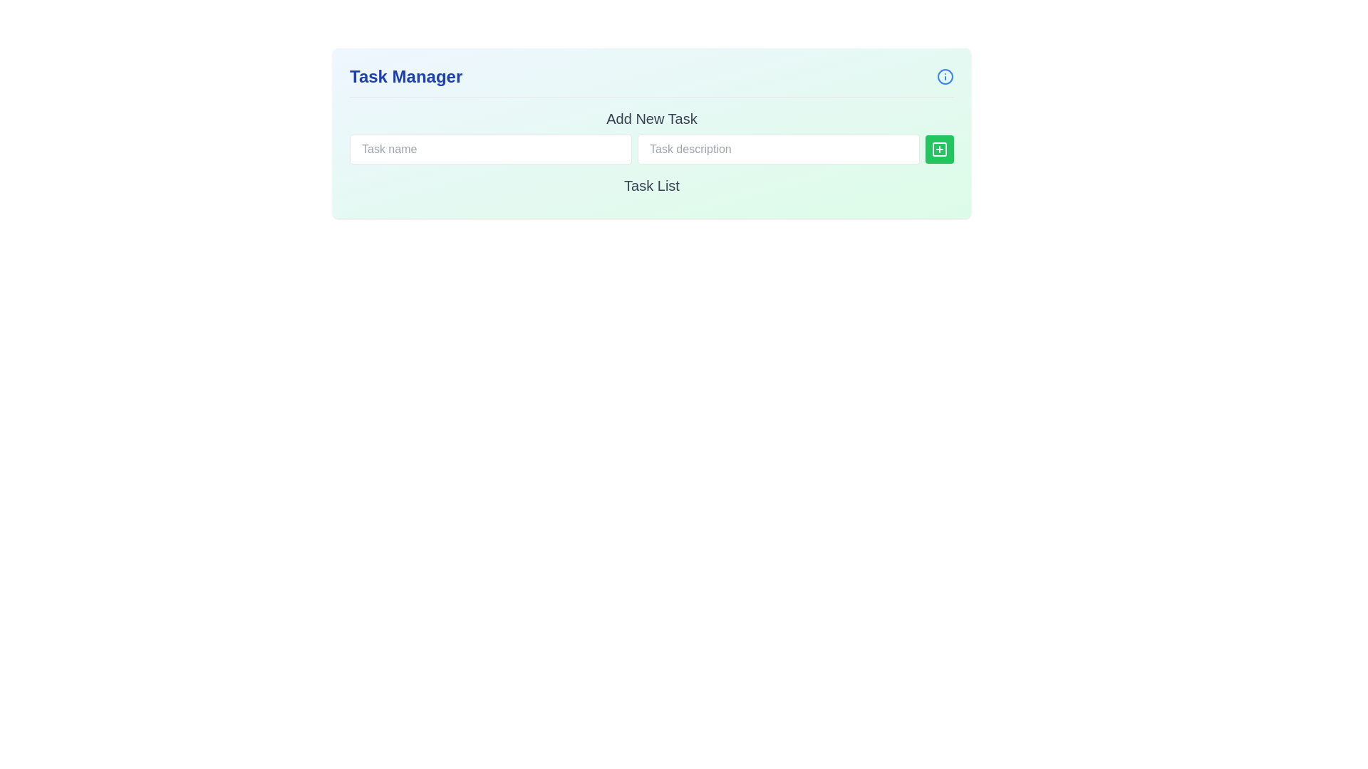 The width and height of the screenshot is (1368, 769). I want to click on the section heading that provides context for adding new tasks, located above the 'Task name' and 'Task description' fields, so click(651, 117).